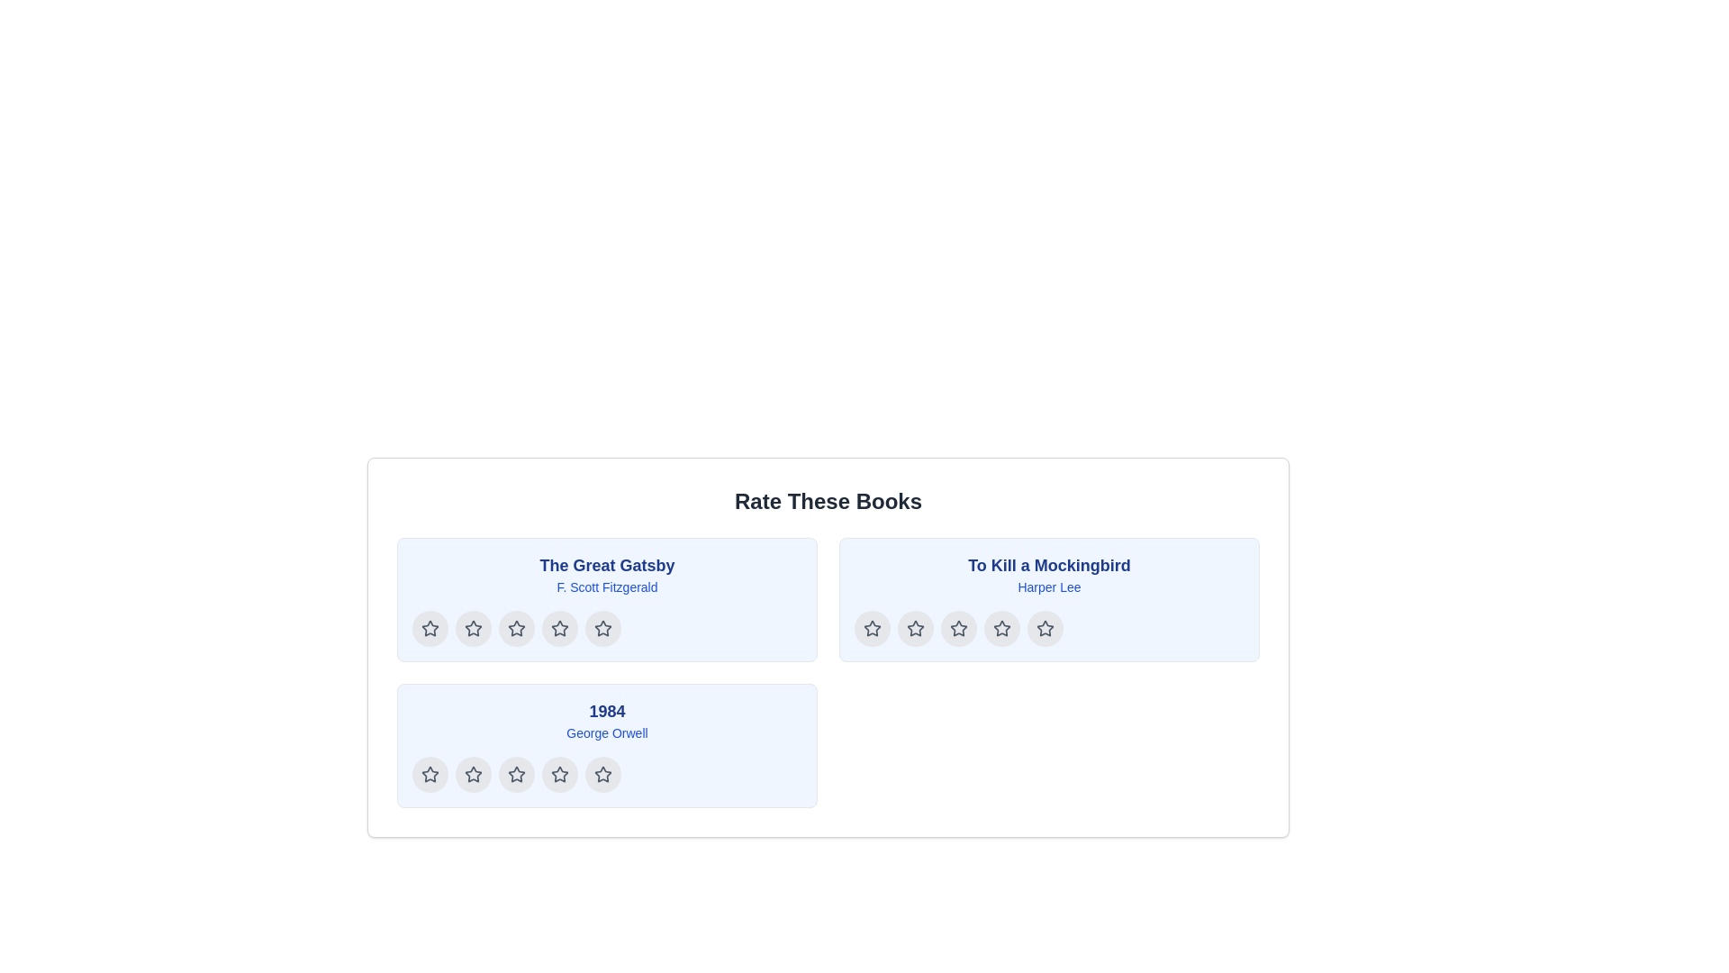 The height and width of the screenshot is (973, 1729). What do you see at coordinates (516, 628) in the screenshot?
I see `the third star rating button in the horizontal sequence of five stars for the book 'The Great Gatsby'` at bounding box center [516, 628].